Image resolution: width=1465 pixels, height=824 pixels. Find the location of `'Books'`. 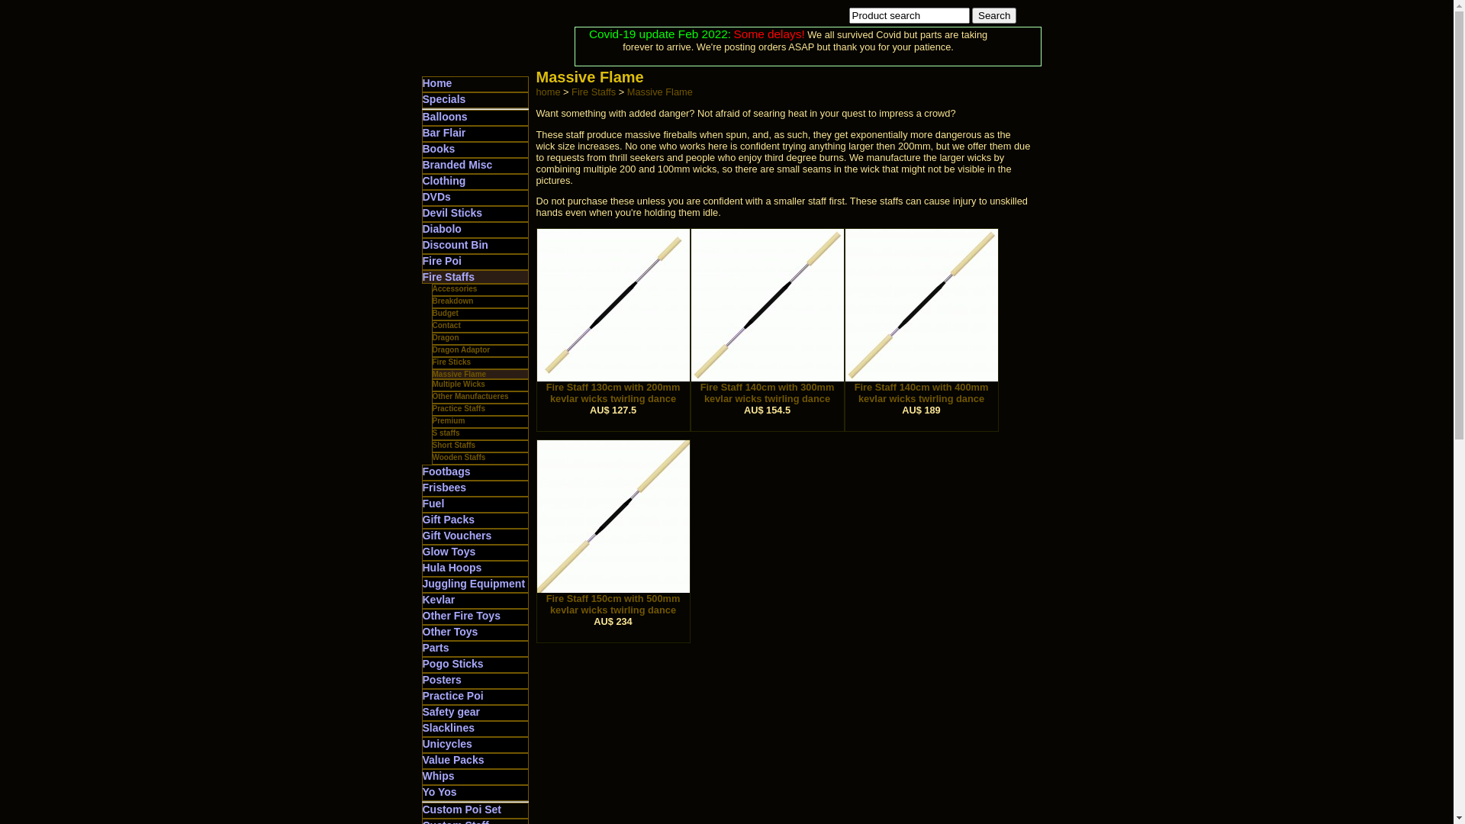

'Books' is located at coordinates (438, 149).